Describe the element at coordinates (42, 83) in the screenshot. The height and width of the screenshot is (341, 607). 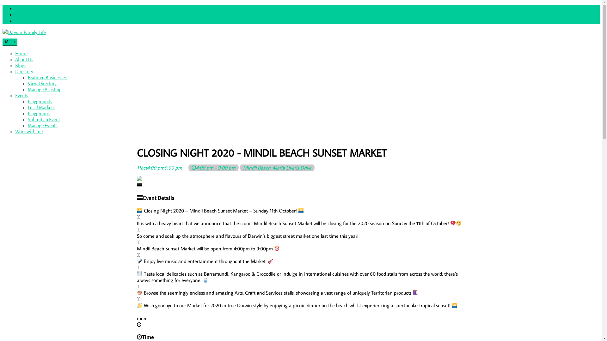
I see `'View Directory'` at that location.